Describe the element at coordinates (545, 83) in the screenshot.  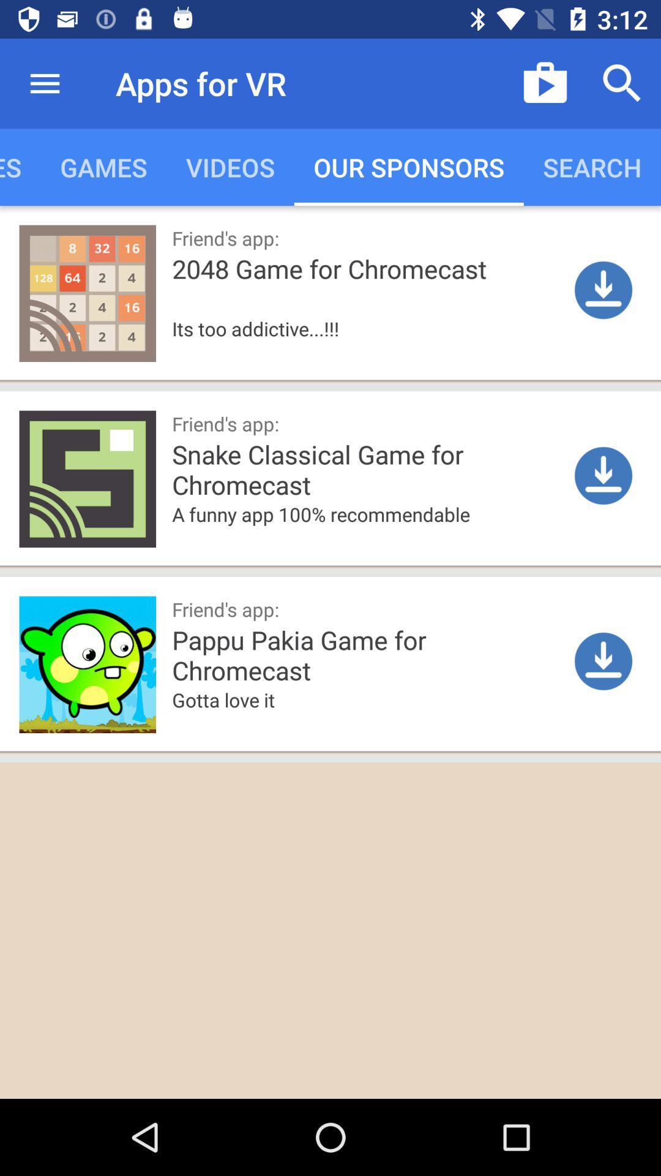
I see `the item above the our sponsors item` at that location.